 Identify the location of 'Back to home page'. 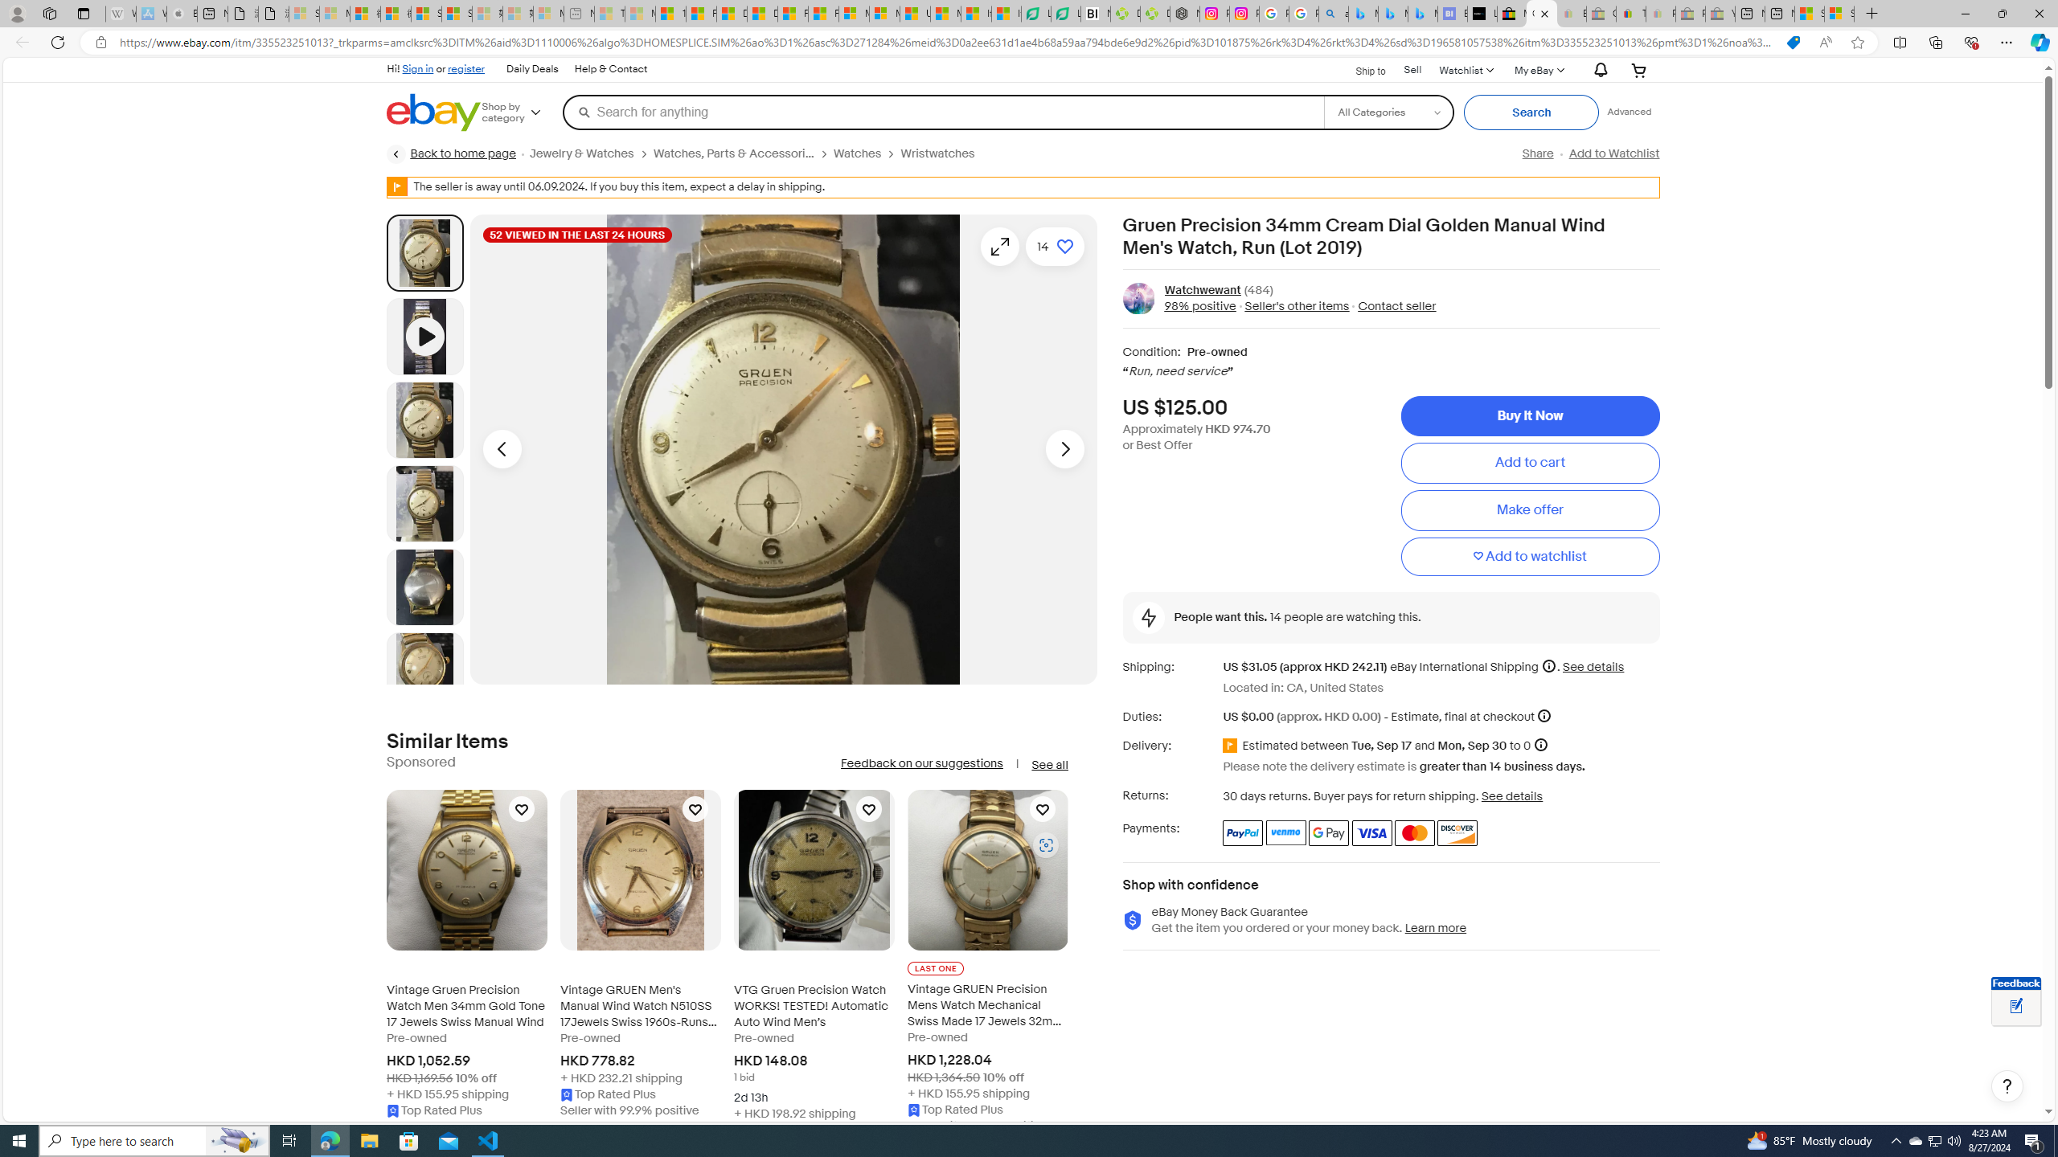
(450, 153).